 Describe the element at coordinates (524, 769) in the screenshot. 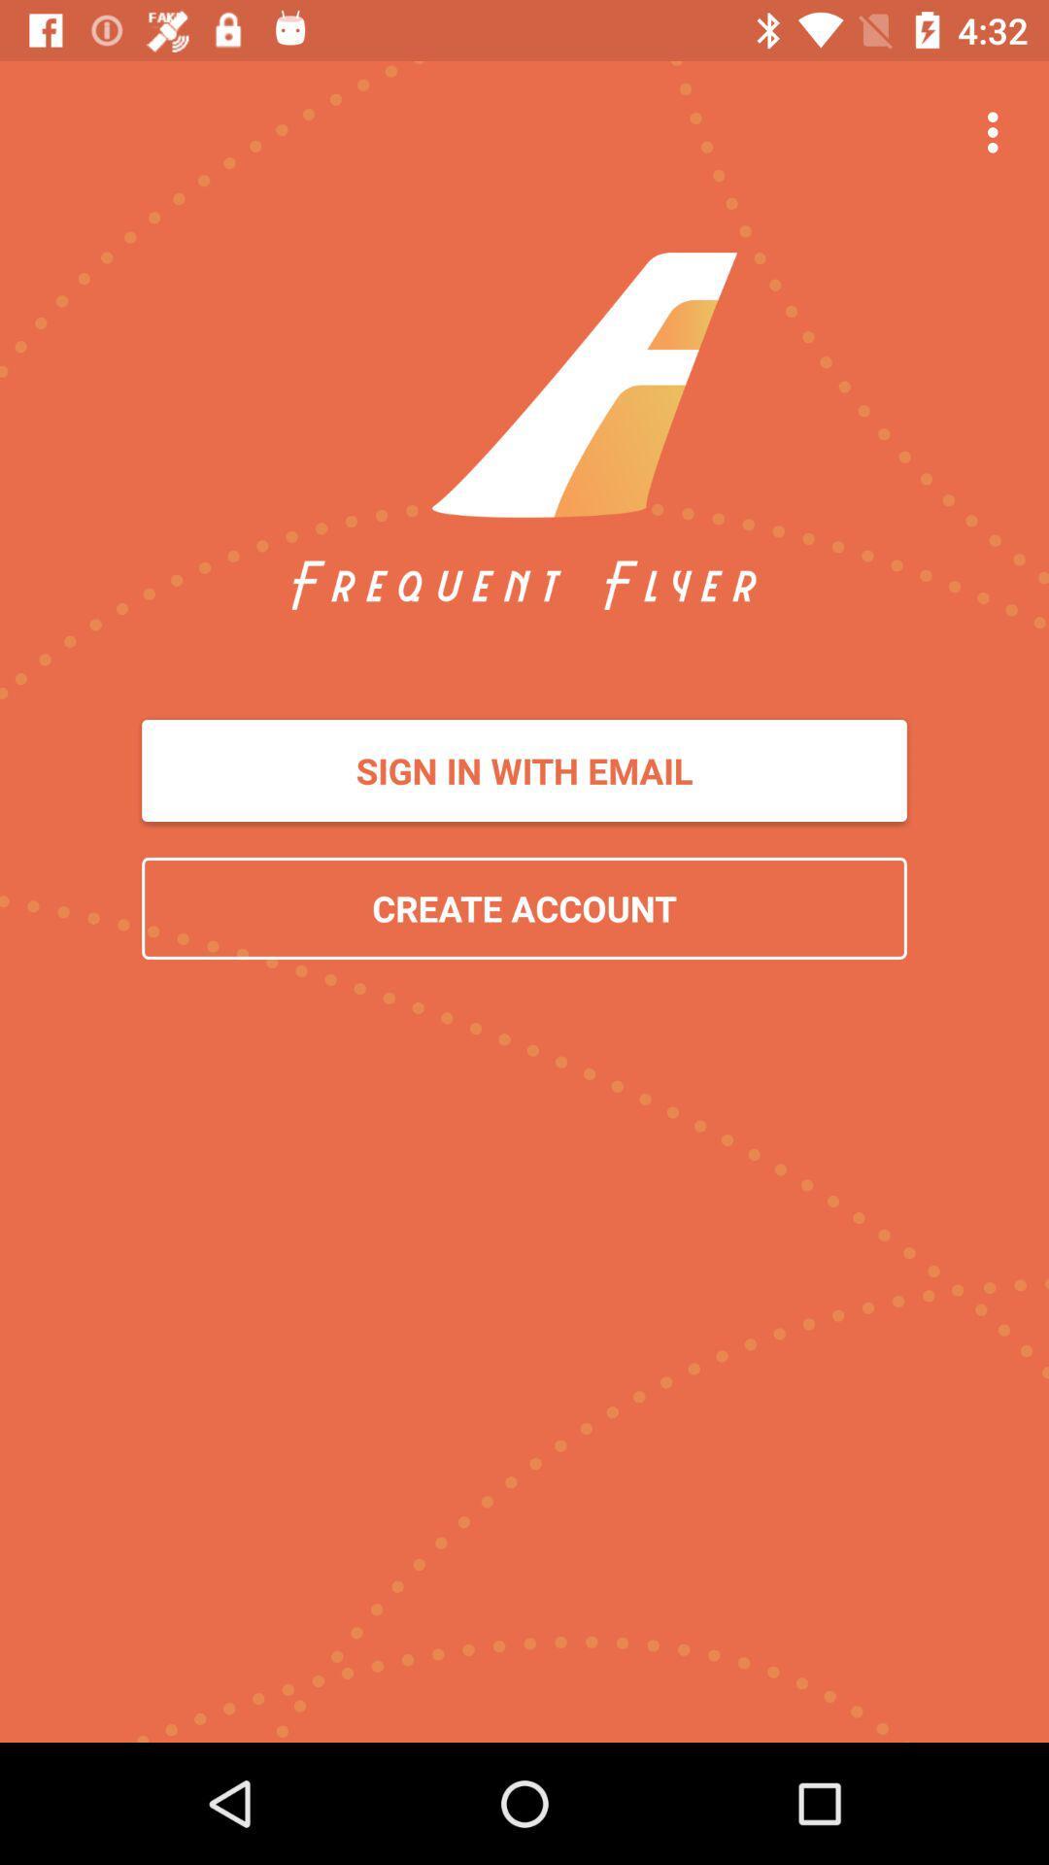

I see `the sign in with item` at that location.